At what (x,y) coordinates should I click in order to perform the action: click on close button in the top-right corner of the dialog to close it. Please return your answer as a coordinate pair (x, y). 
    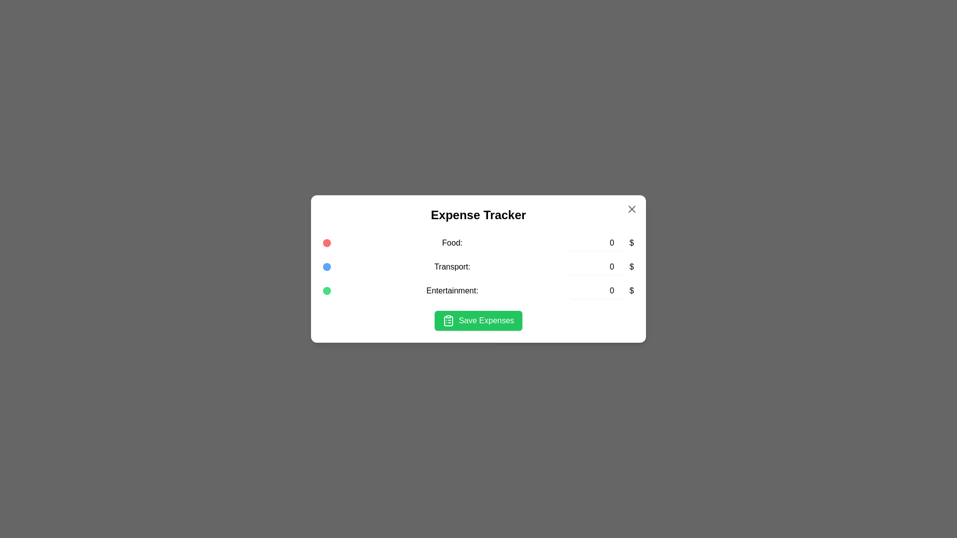
    Looking at the image, I should click on (631, 209).